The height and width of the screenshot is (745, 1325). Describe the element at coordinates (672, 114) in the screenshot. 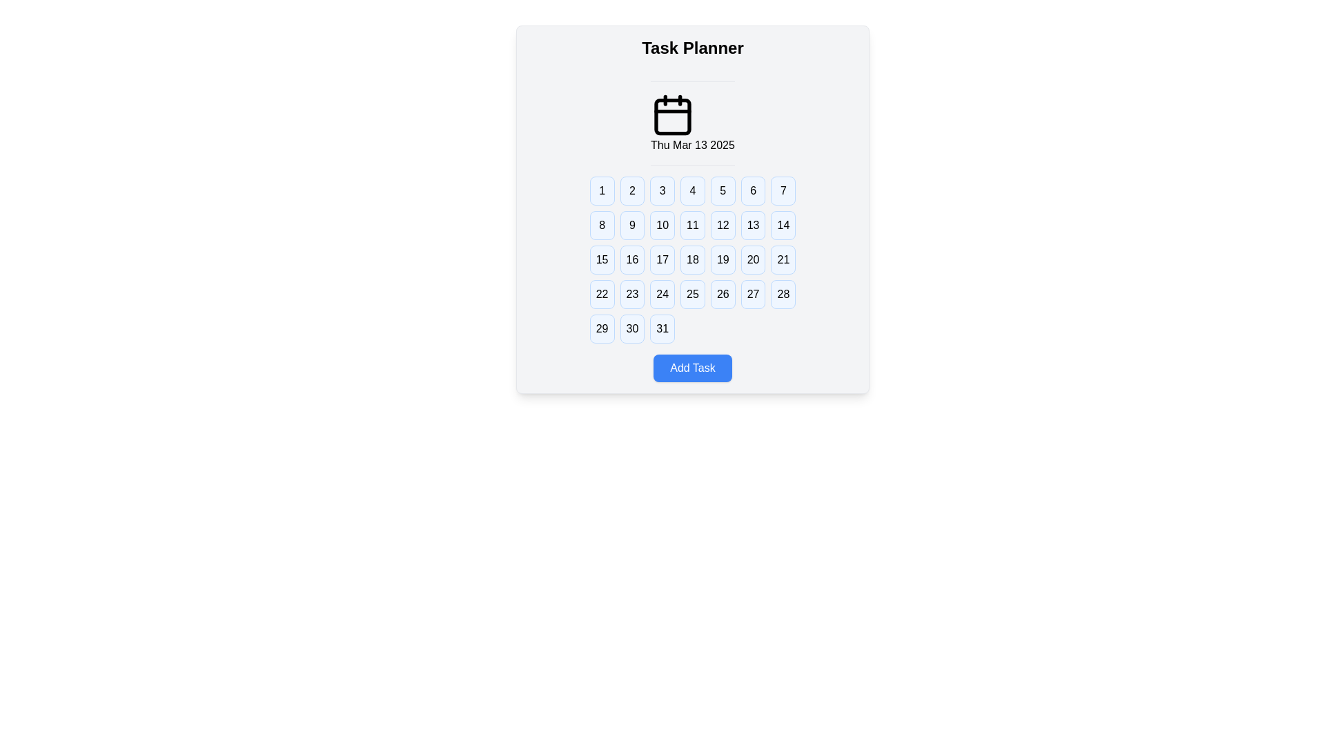

I see `the calendar icon, which is visually styled with a black outline and located above the date label 'Thu Mar 13 2025' within the task planner interface` at that location.